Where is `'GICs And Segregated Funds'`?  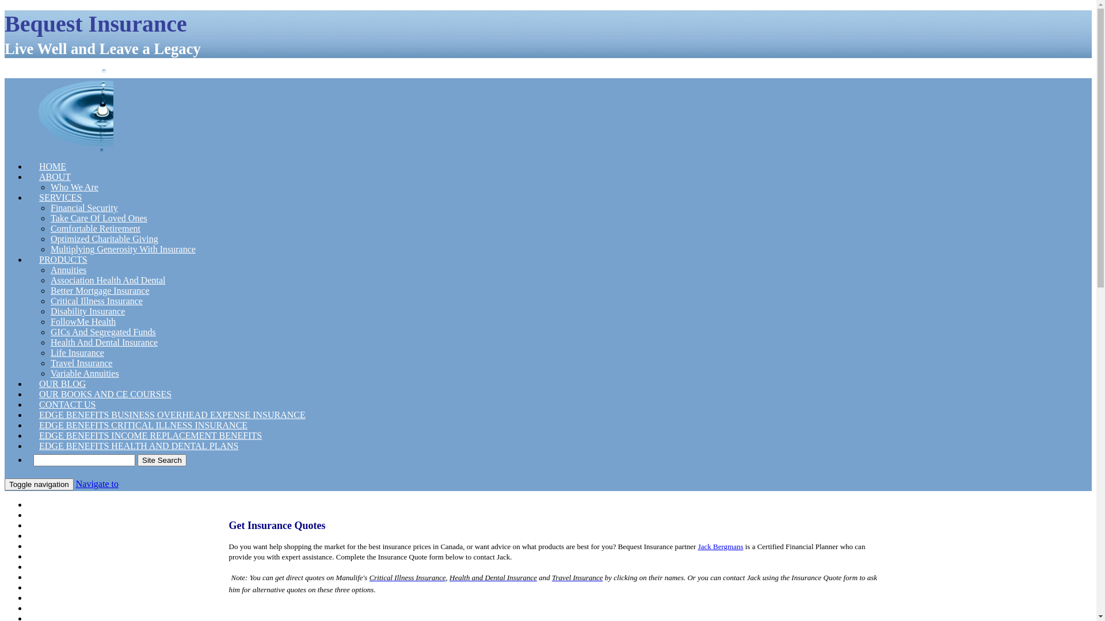
'GICs And Segregated Funds' is located at coordinates (103, 332).